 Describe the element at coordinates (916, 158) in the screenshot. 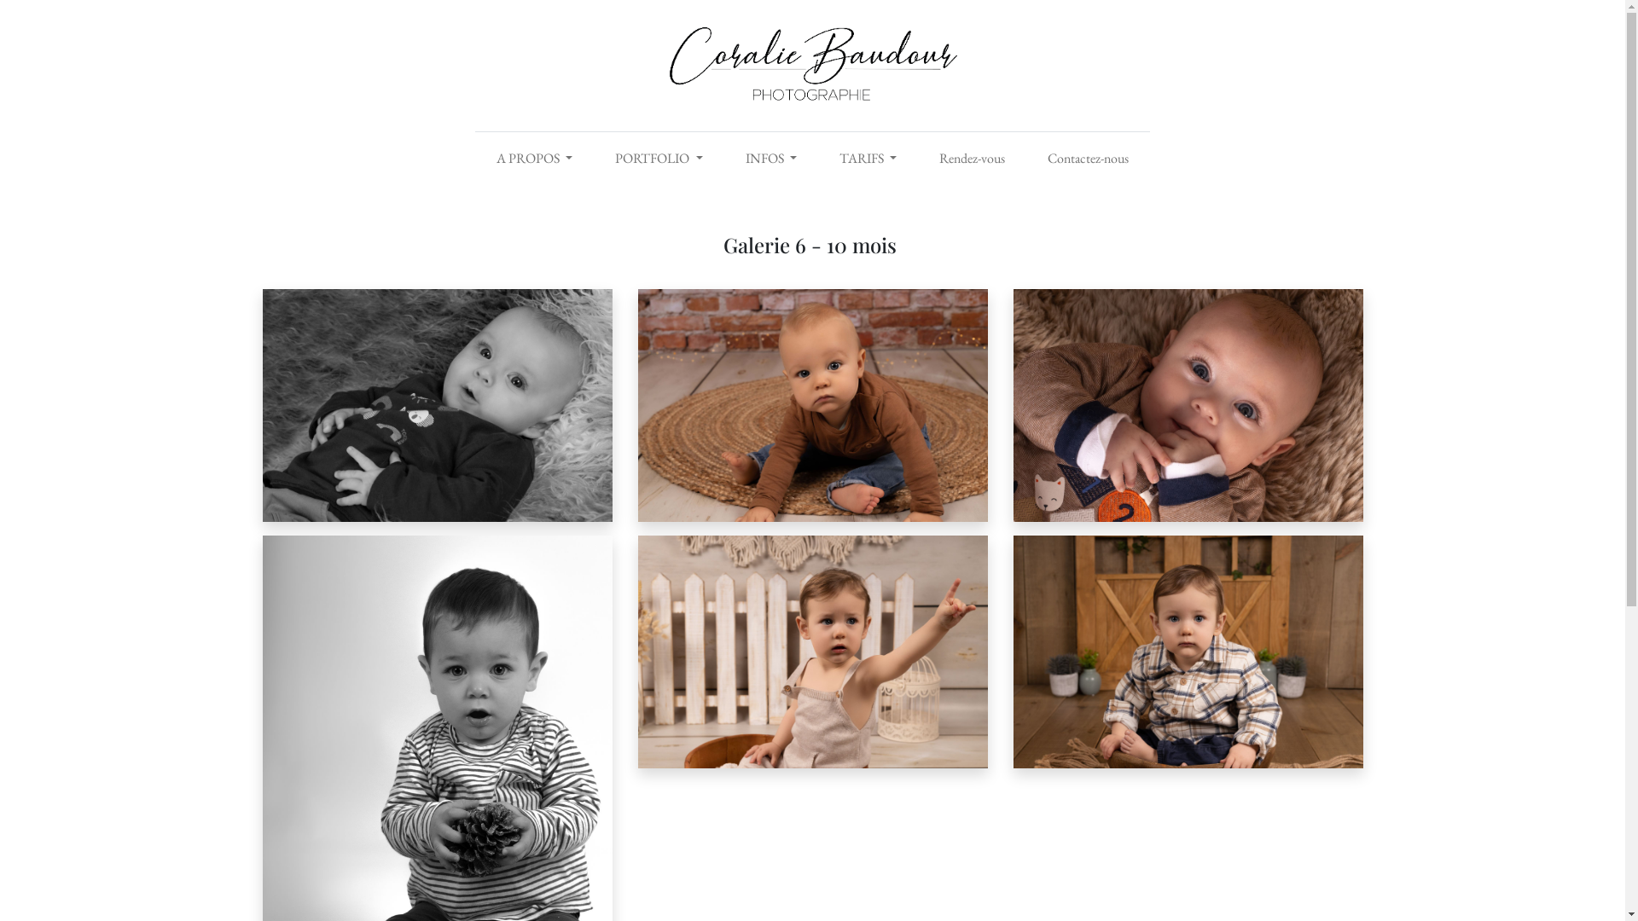

I see `'Rendez-vous'` at that location.